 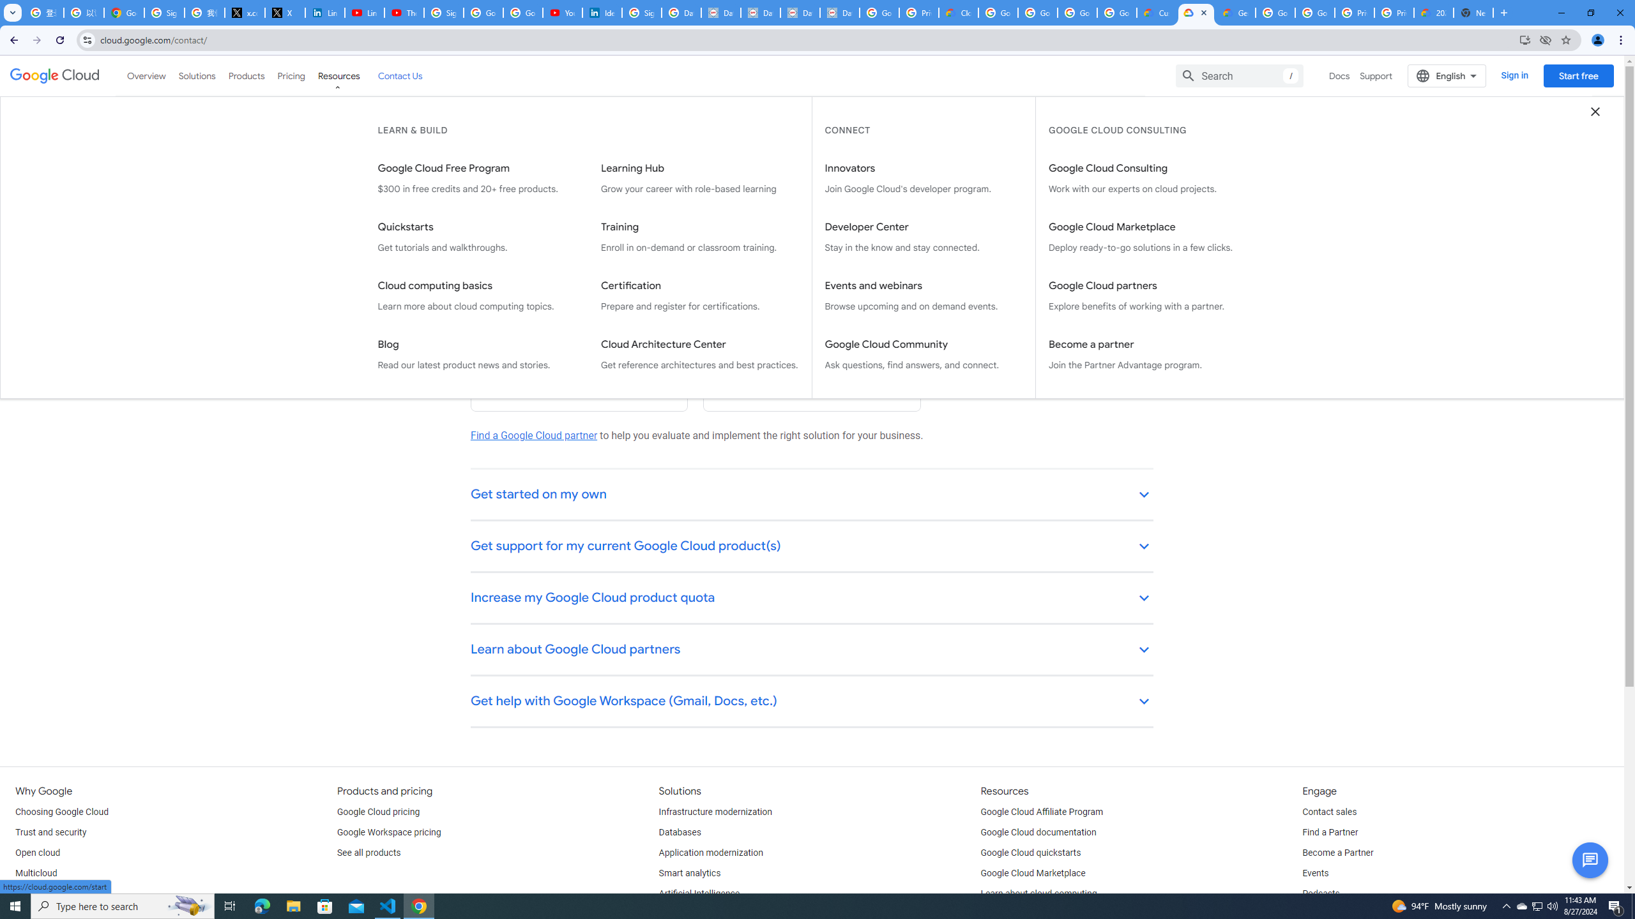 I want to click on 'Google Cloud Marketplace', so click(x=1033, y=873).